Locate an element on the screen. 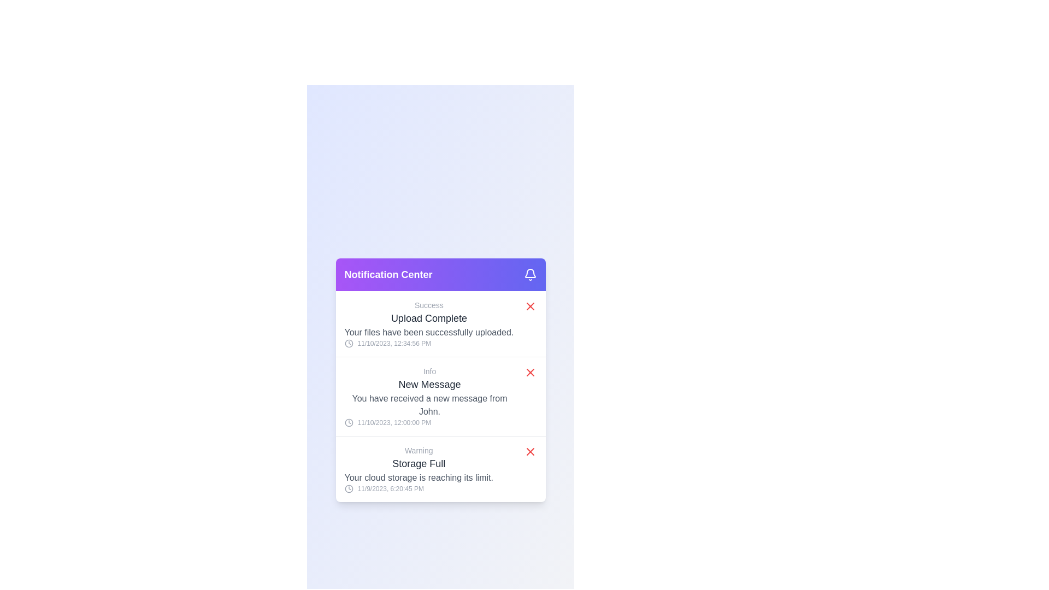 Image resolution: width=1049 pixels, height=590 pixels. the first success notification card located just below the purple header in the notification center is located at coordinates (428, 323).